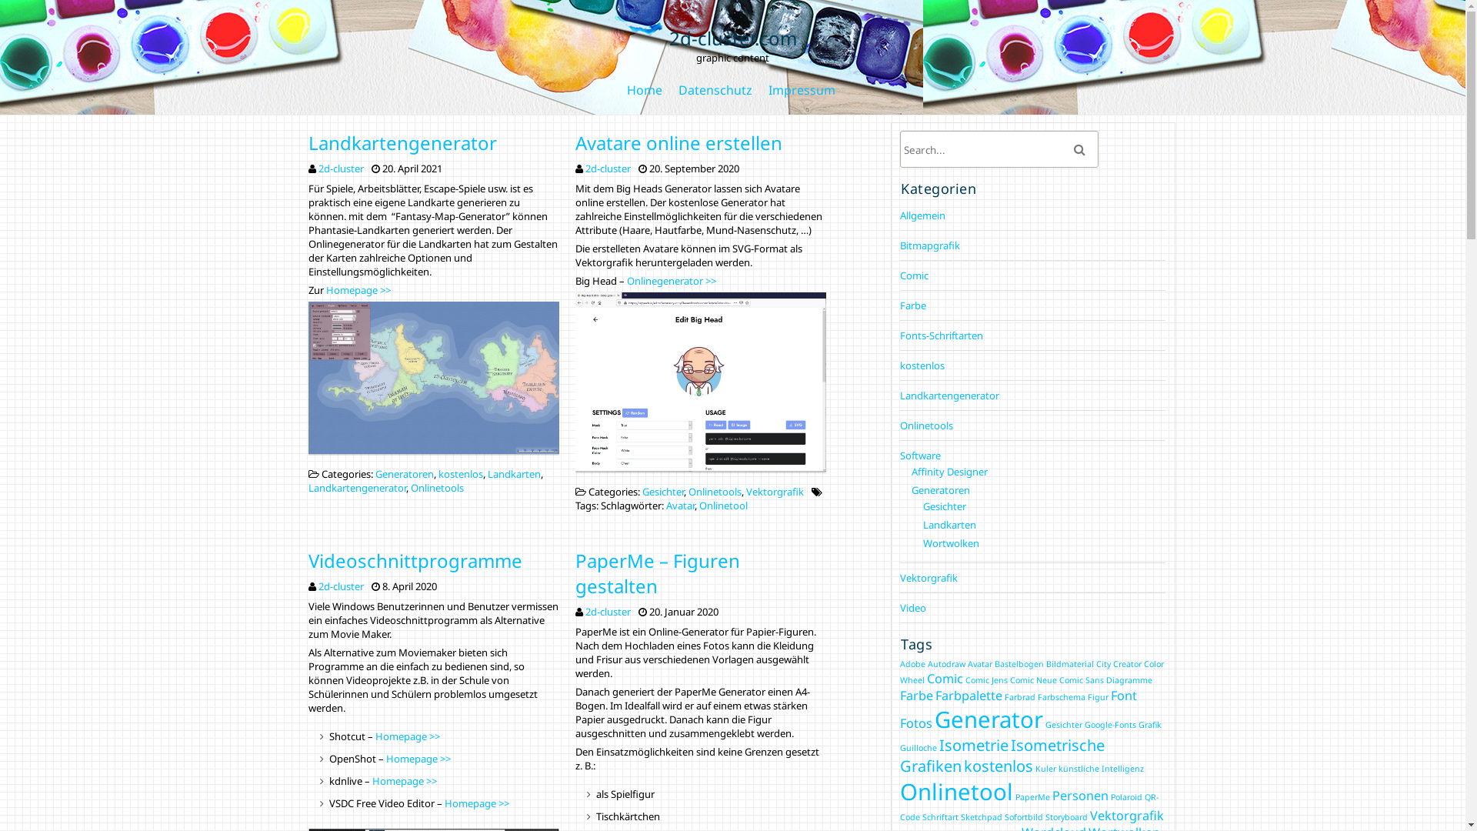 This screenshot has height=831, width=1477. What do you see at coordinates (939, 816) in the screenshot?
I see `'Schriftart'` at bounding box center [939, 816].